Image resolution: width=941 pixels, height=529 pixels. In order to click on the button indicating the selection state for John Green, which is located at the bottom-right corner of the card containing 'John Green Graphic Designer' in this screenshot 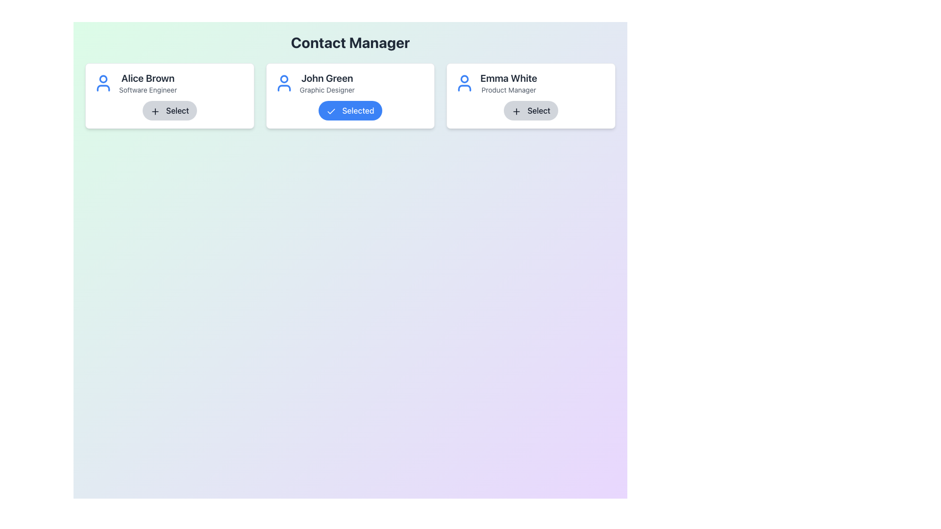, I will do `click(350, 110)`.